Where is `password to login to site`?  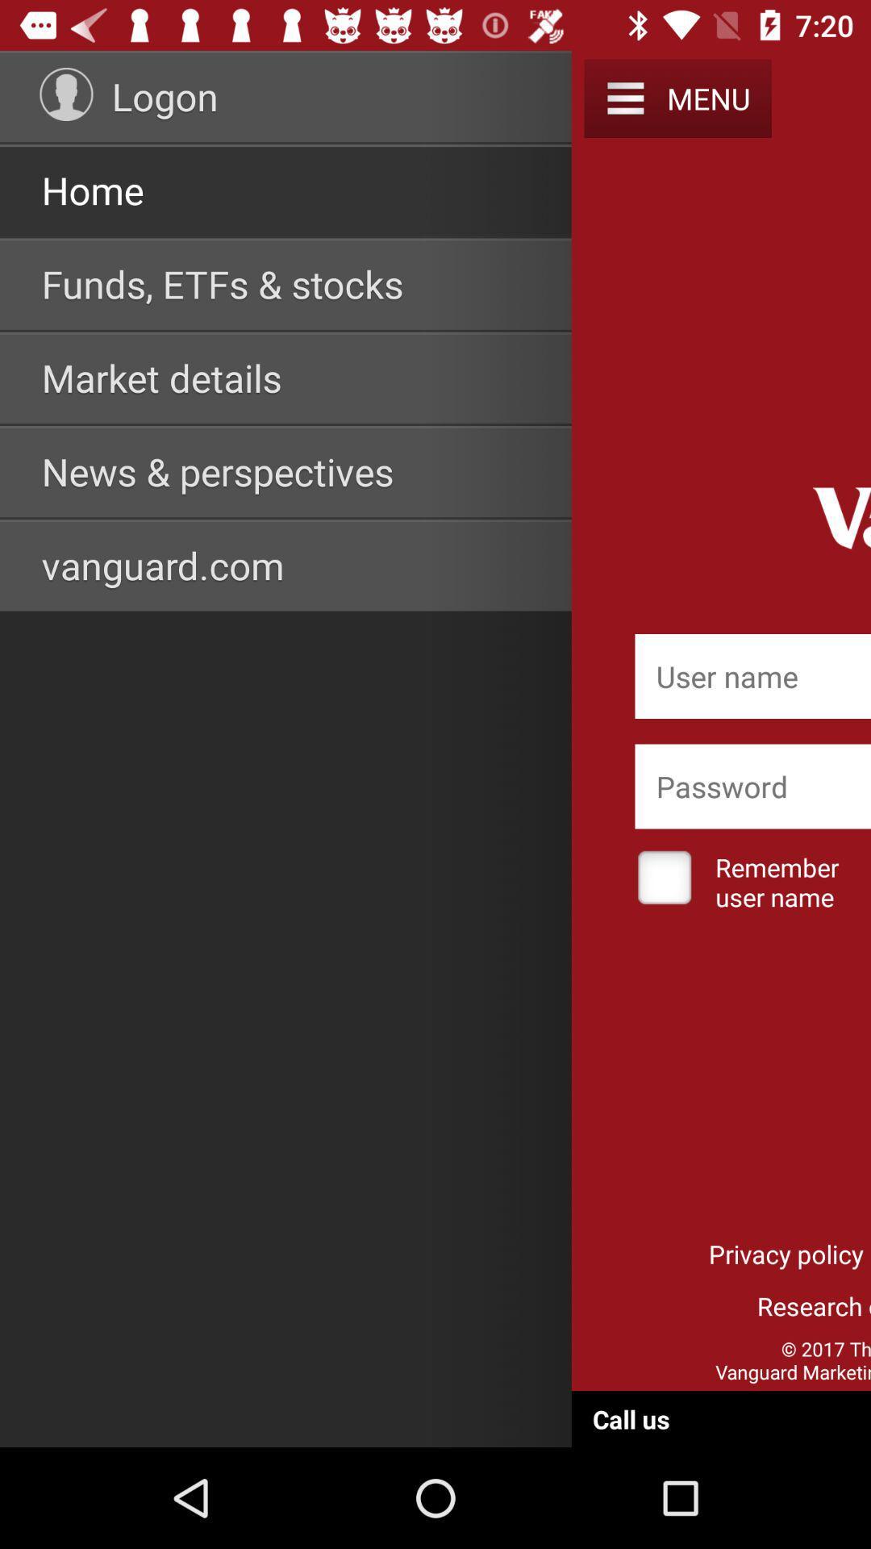 password to login to site is located at coordinates (752, 786).